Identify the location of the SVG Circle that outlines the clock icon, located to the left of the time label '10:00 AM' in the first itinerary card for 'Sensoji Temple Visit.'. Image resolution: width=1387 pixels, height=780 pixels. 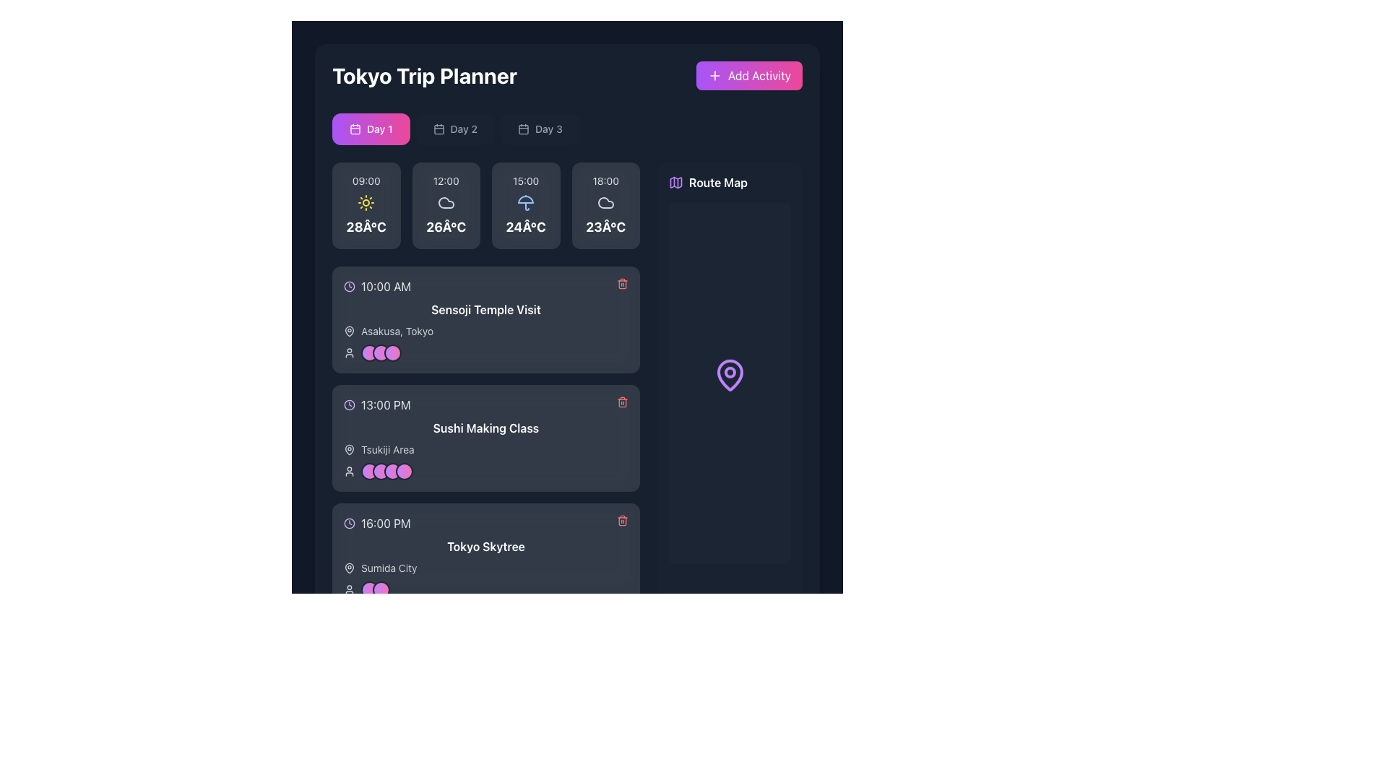
(350, 287).